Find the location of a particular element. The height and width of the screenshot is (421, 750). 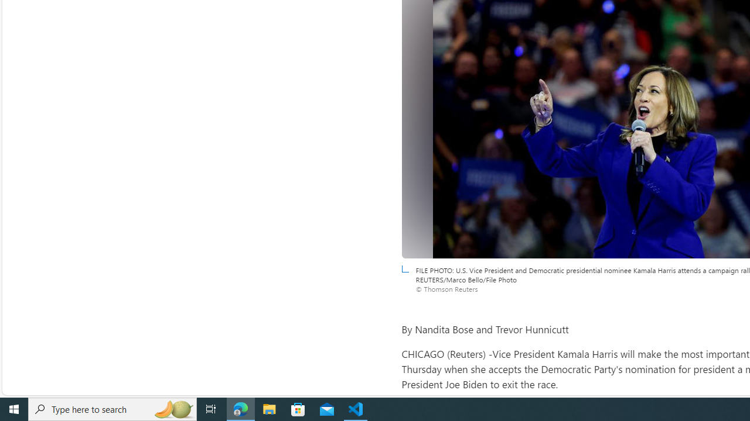

'Microsoft Edge - 1 running window' is located at coordinates (240, 408).